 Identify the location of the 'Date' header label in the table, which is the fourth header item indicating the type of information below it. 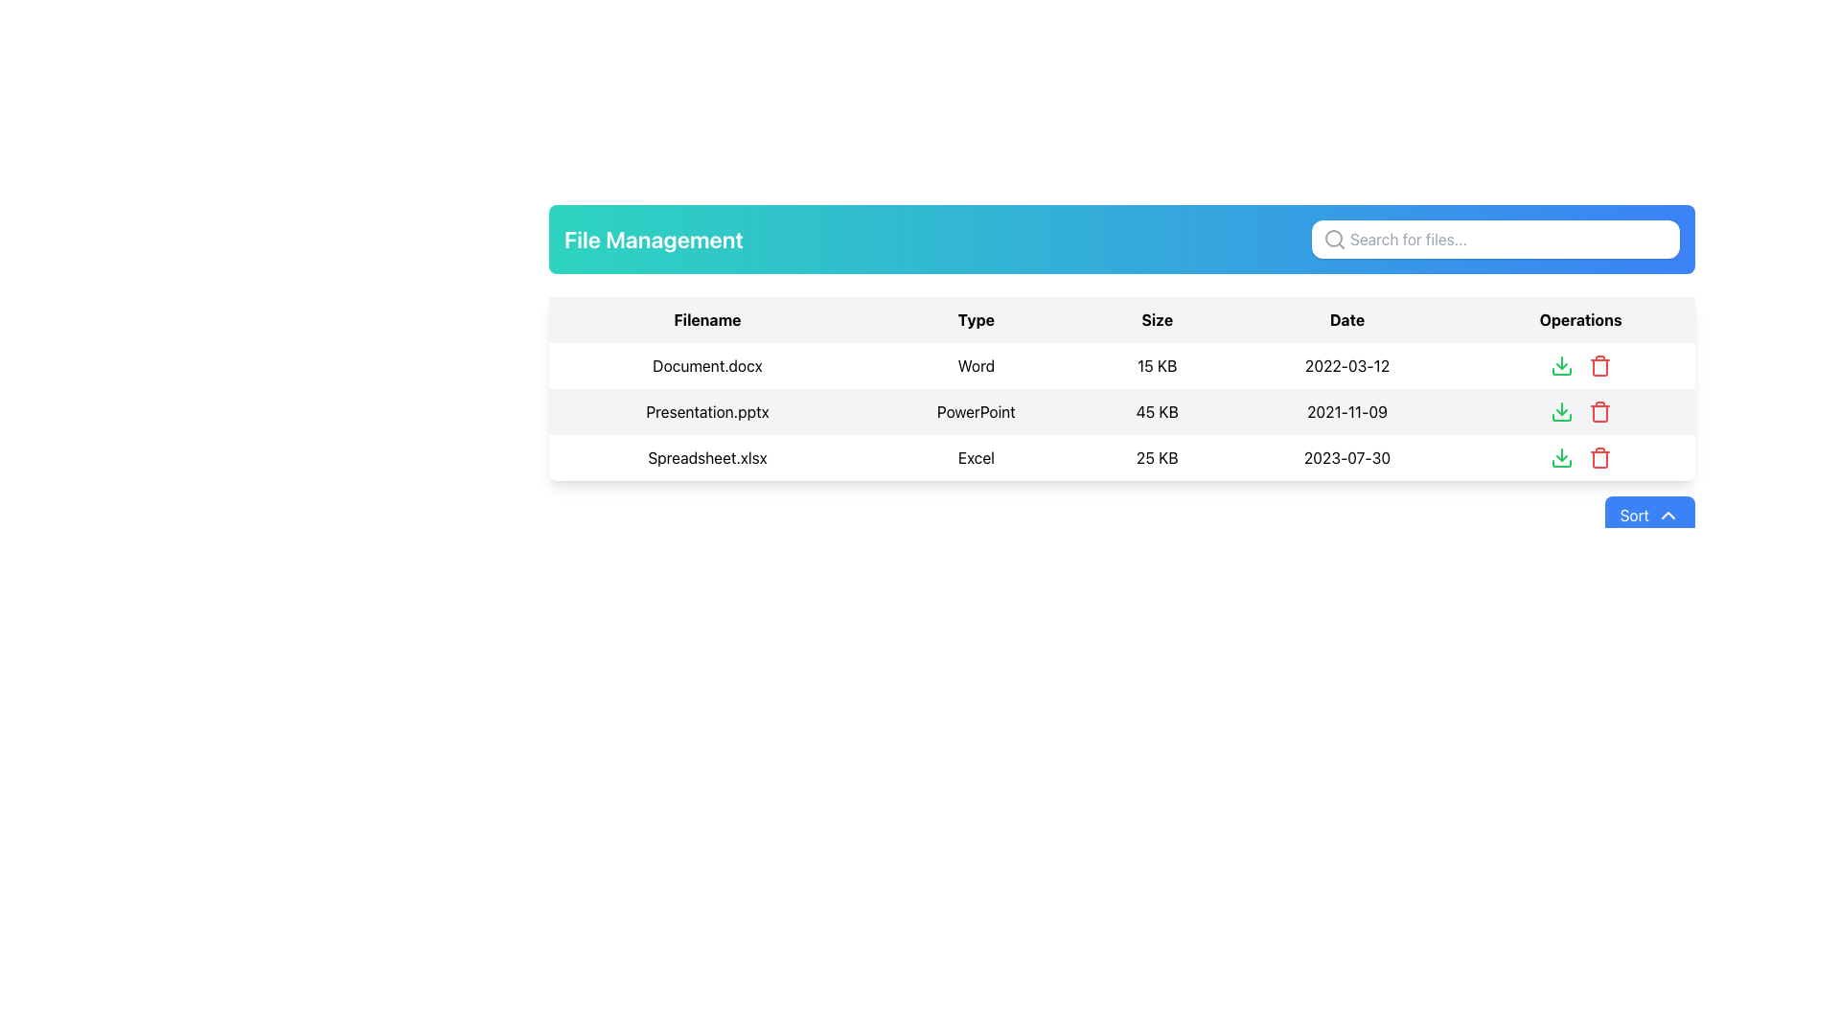
(1346, 319).